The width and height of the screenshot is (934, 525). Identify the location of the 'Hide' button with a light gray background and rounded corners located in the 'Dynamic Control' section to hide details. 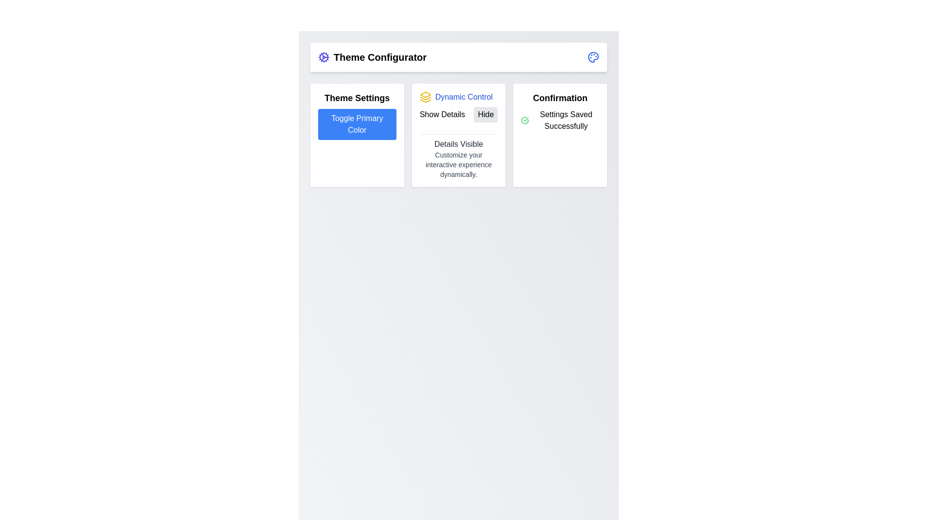
(485, 114).